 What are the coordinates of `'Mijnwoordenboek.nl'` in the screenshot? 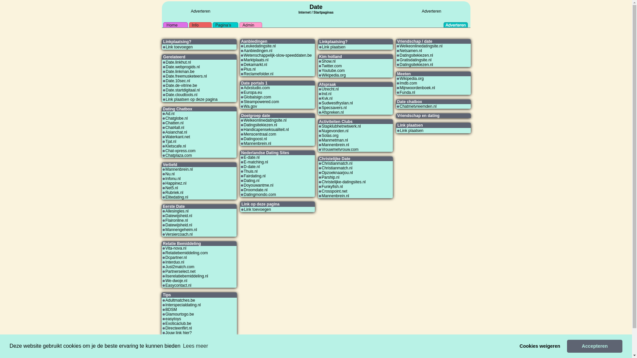 It's located at (417, 88).